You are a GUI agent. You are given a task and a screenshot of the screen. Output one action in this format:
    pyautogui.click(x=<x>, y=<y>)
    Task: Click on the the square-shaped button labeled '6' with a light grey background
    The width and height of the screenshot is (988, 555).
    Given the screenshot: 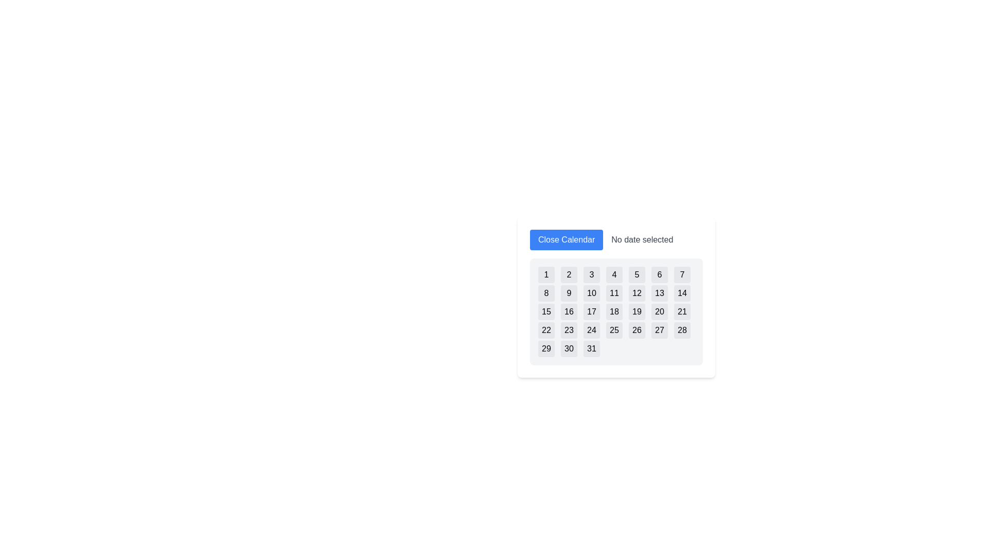 What is the action you would take?
    pyautogui.click(x=659, y=274)
    